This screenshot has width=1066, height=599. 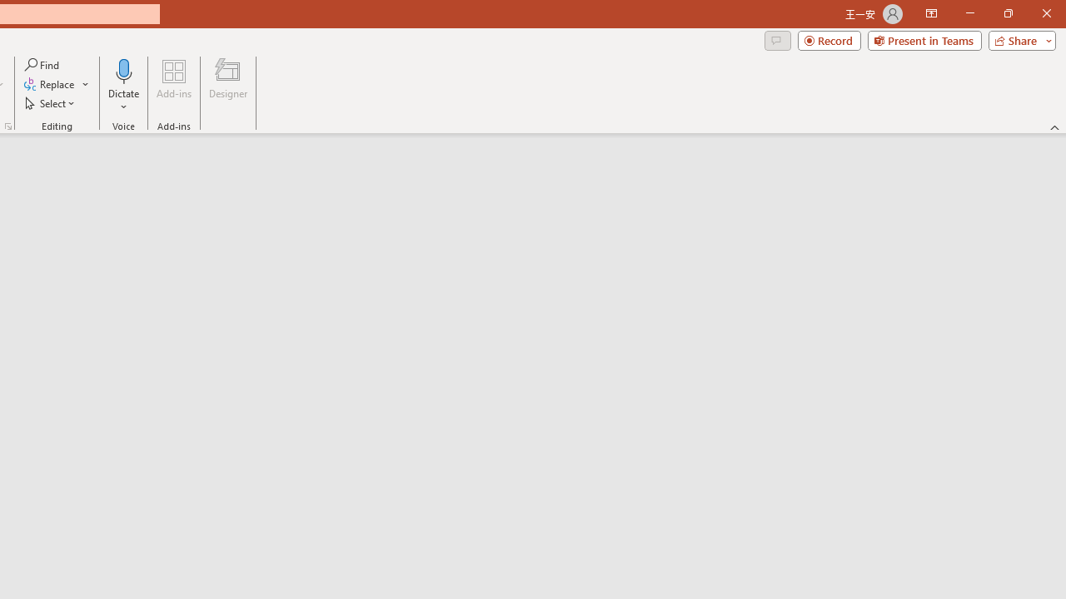 What do you see at coordinates (969, 13) in the screenshot?
I see `'Minimize'` at bounding box center [969, 13].